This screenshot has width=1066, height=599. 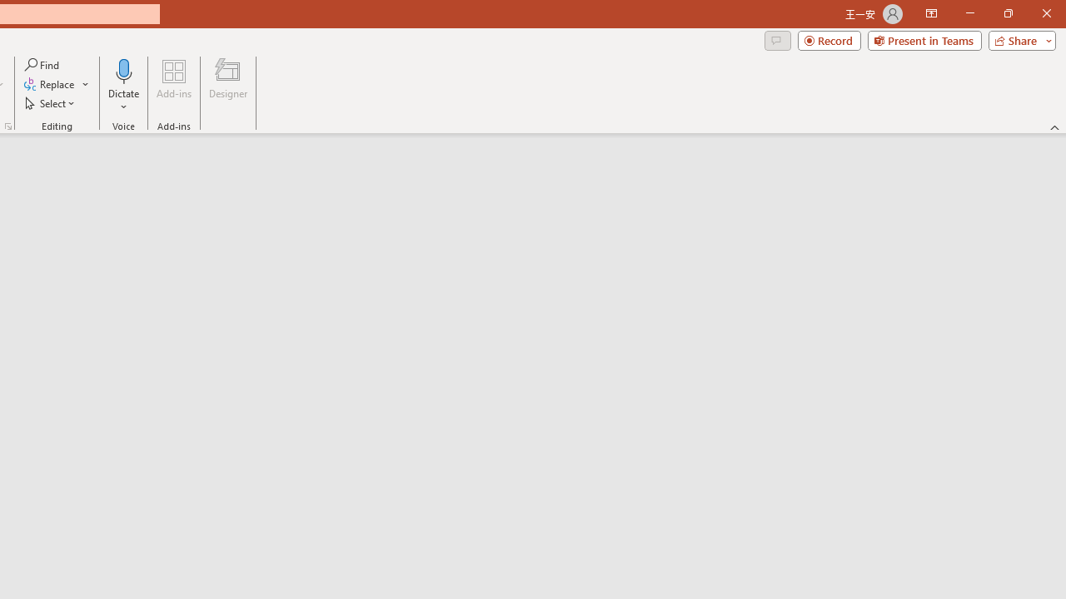 What do you see at coordinates (969, 13) in the screenshot?
I see `'Minimize'` at bounding box center [969, 13].